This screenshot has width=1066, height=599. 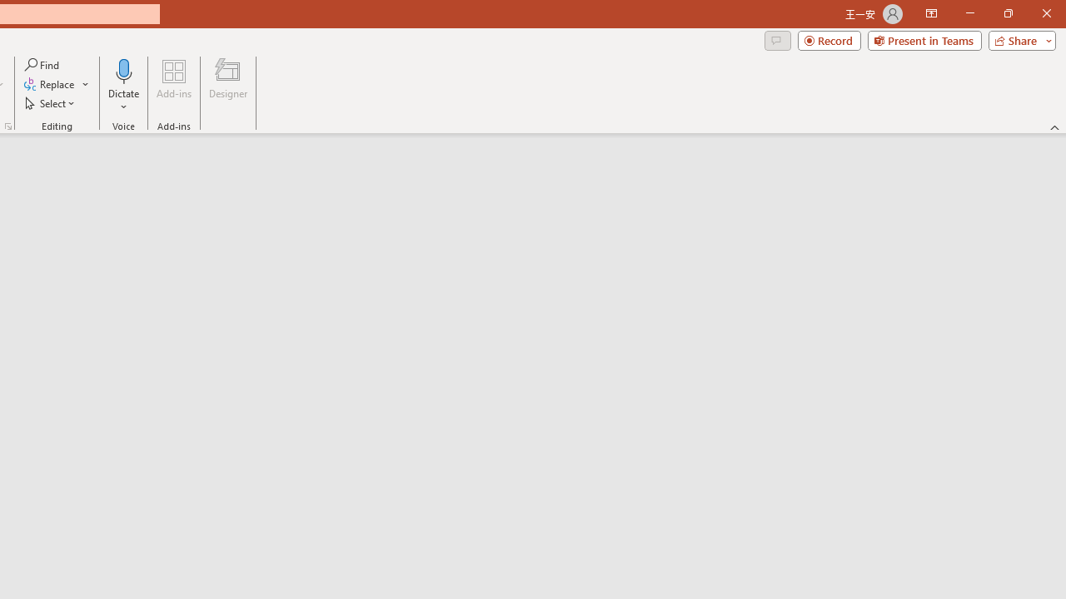 What do you see at coordinates (969, 13) in the screenshot?
I see `'Minimize'` at bounding box center [969, 13].